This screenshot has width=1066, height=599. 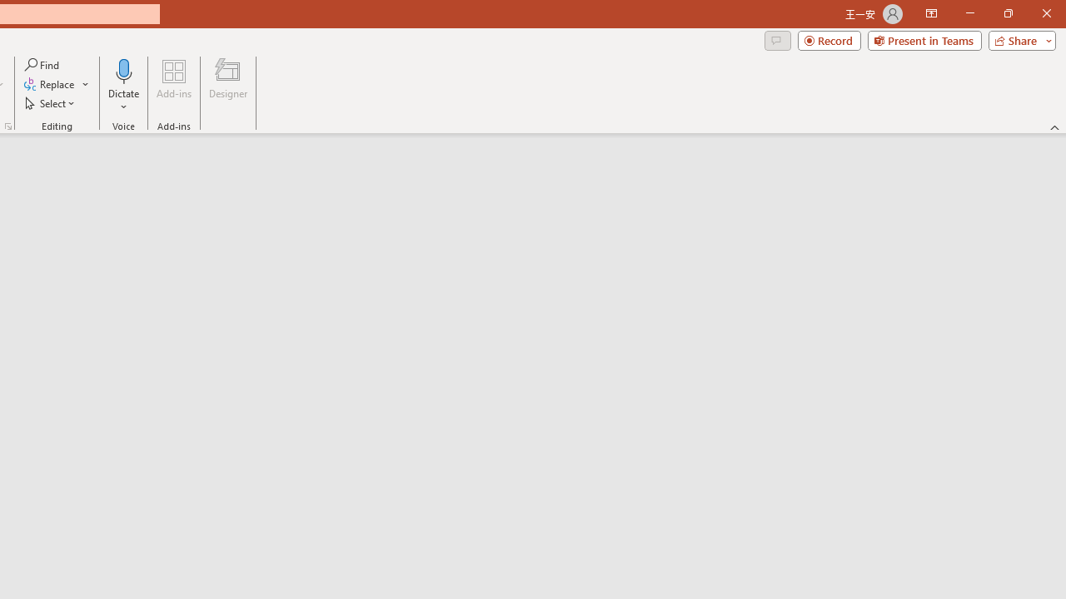 What do you see at coordinates (969, 13) in the screenshot?
I see `'Minimize'` at bounding box center [969, 13].